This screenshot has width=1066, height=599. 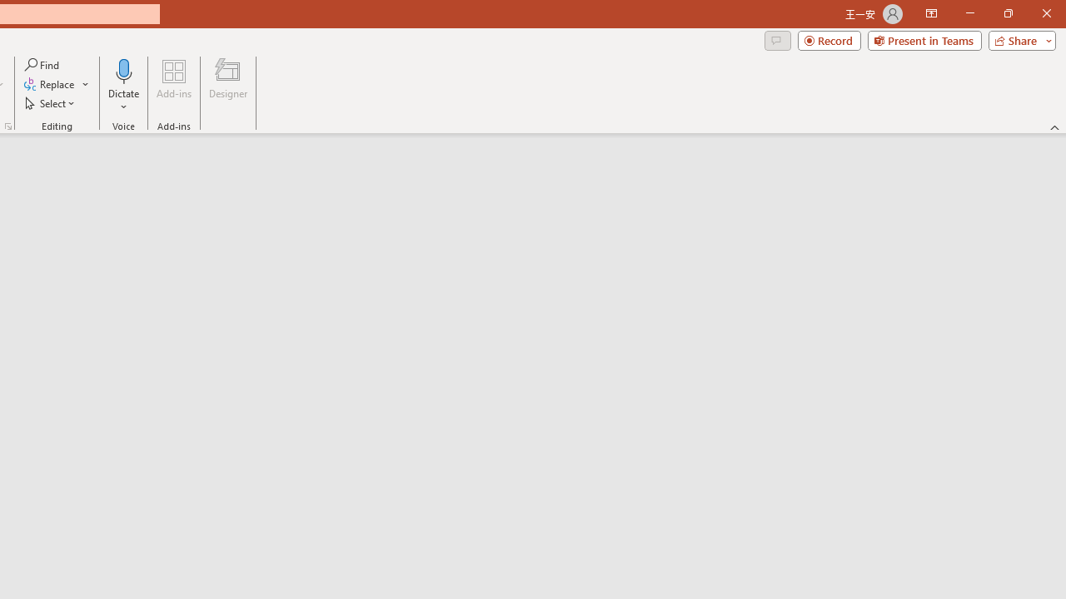 What do you see at coordinates (969, 13) in the screenshot?
I see `'Minimize'` at bounding box center [969, 13].